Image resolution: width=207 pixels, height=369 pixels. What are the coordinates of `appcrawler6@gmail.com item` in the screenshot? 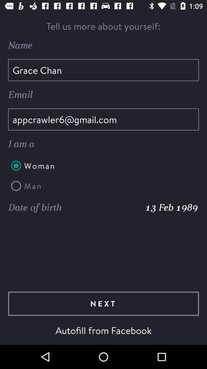 It's located at (103, 119).